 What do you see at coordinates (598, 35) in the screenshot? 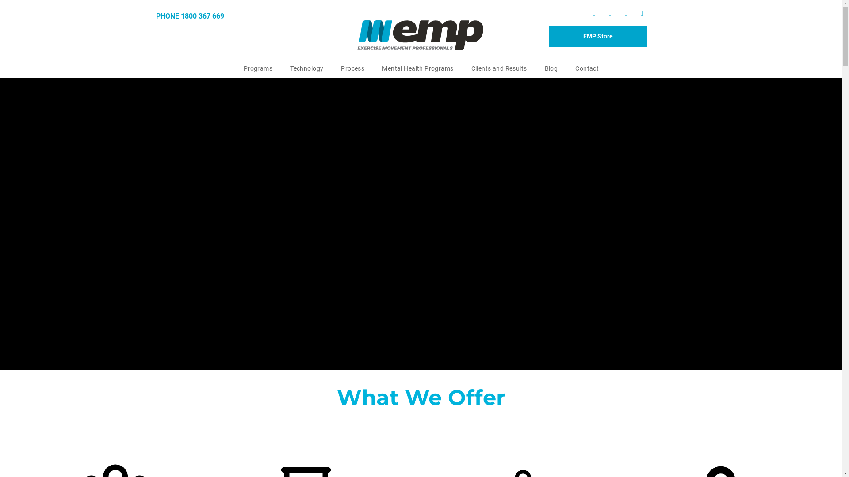
I see `'EMP Store'` at bounding box center [598, 35].